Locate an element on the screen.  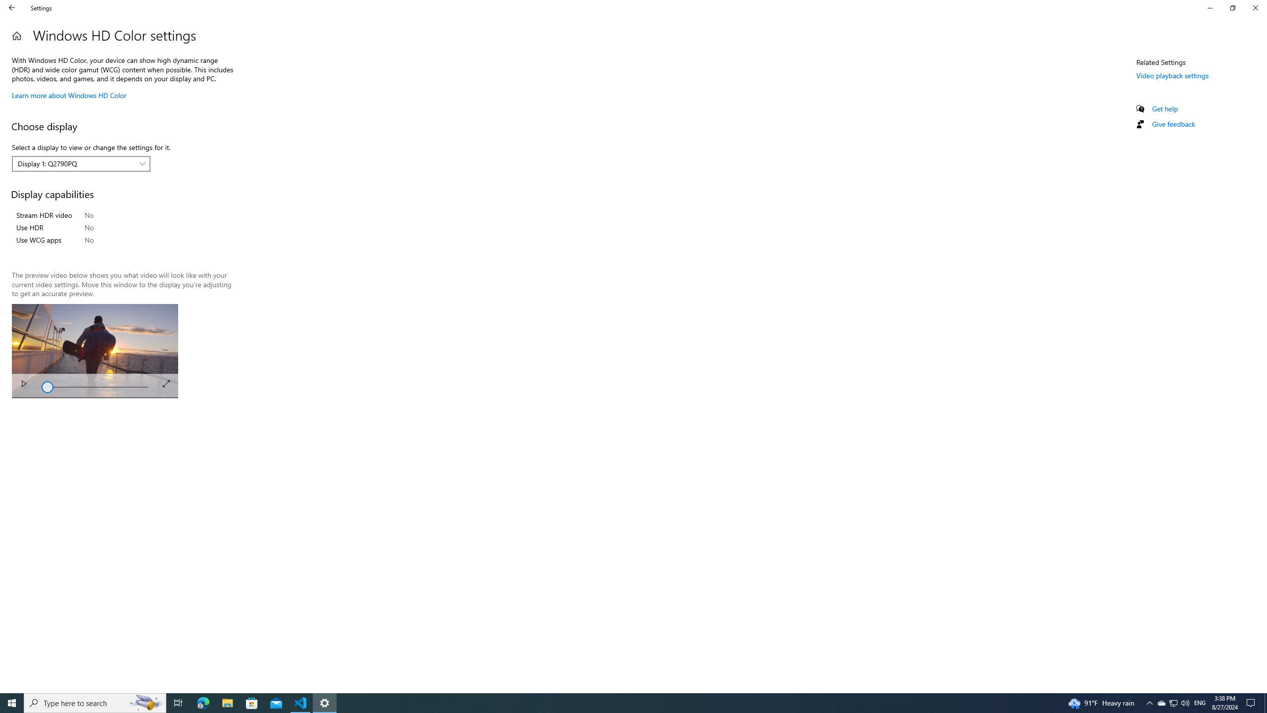
'Home' is located at coordinates (16, 36).